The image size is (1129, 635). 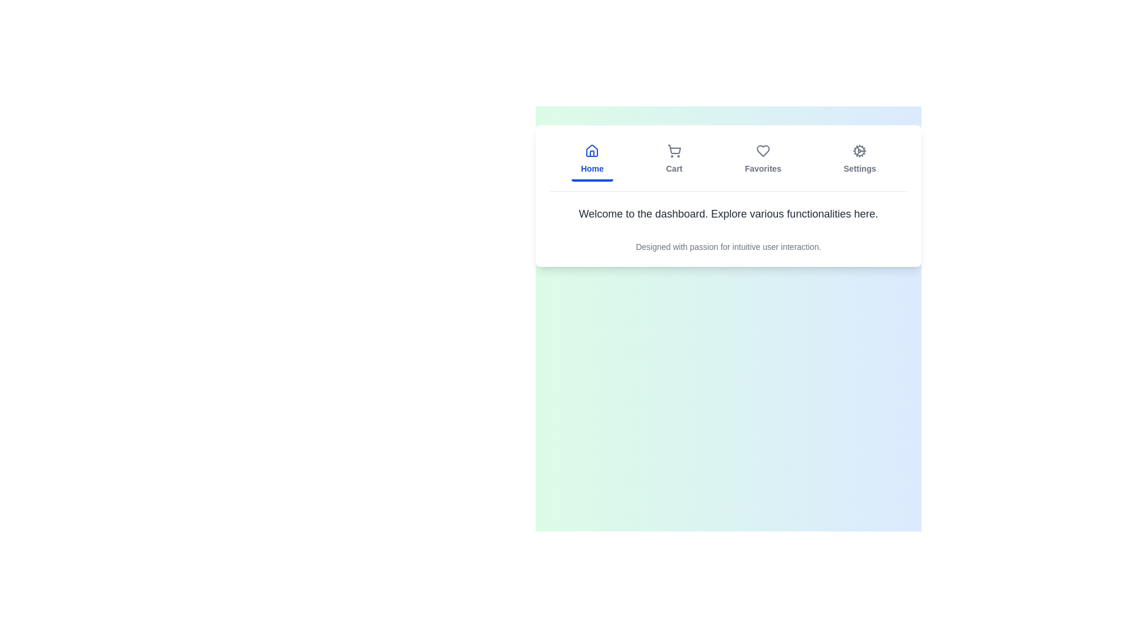 What do you see at coordinates (674, 149) in the screenshot?
I see `the shopping cart icon's body` at bounding box center [674, 149].